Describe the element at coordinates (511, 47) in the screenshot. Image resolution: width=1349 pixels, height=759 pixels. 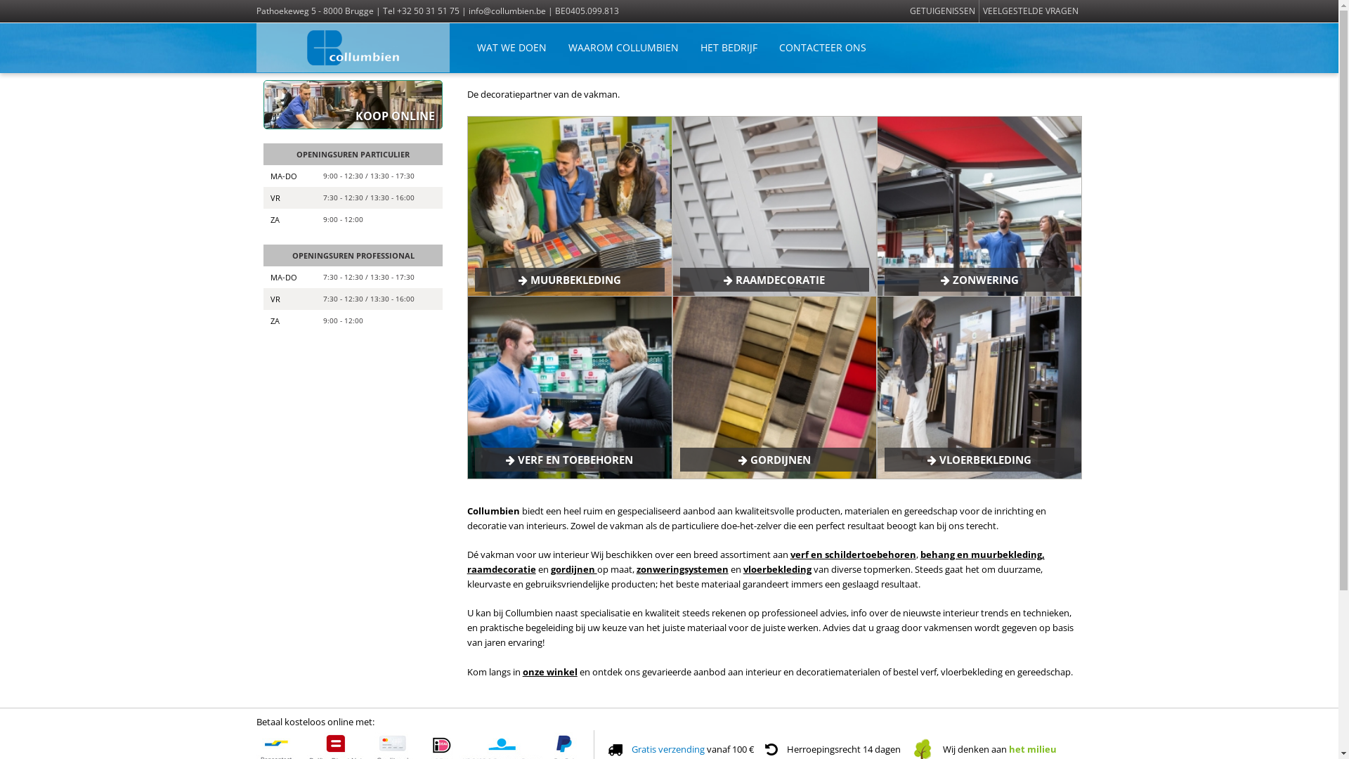
I see `'WAT WE DOEN'` at that location.